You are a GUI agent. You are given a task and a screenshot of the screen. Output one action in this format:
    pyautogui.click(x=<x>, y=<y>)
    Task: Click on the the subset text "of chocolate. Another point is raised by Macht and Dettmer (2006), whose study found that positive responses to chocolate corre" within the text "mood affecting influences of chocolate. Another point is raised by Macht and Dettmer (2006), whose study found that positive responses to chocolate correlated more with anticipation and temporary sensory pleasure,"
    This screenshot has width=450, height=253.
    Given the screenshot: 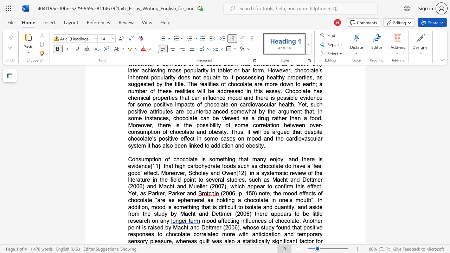 What is the action you would take?
    pyautogui.click(x=268, y=220)
    